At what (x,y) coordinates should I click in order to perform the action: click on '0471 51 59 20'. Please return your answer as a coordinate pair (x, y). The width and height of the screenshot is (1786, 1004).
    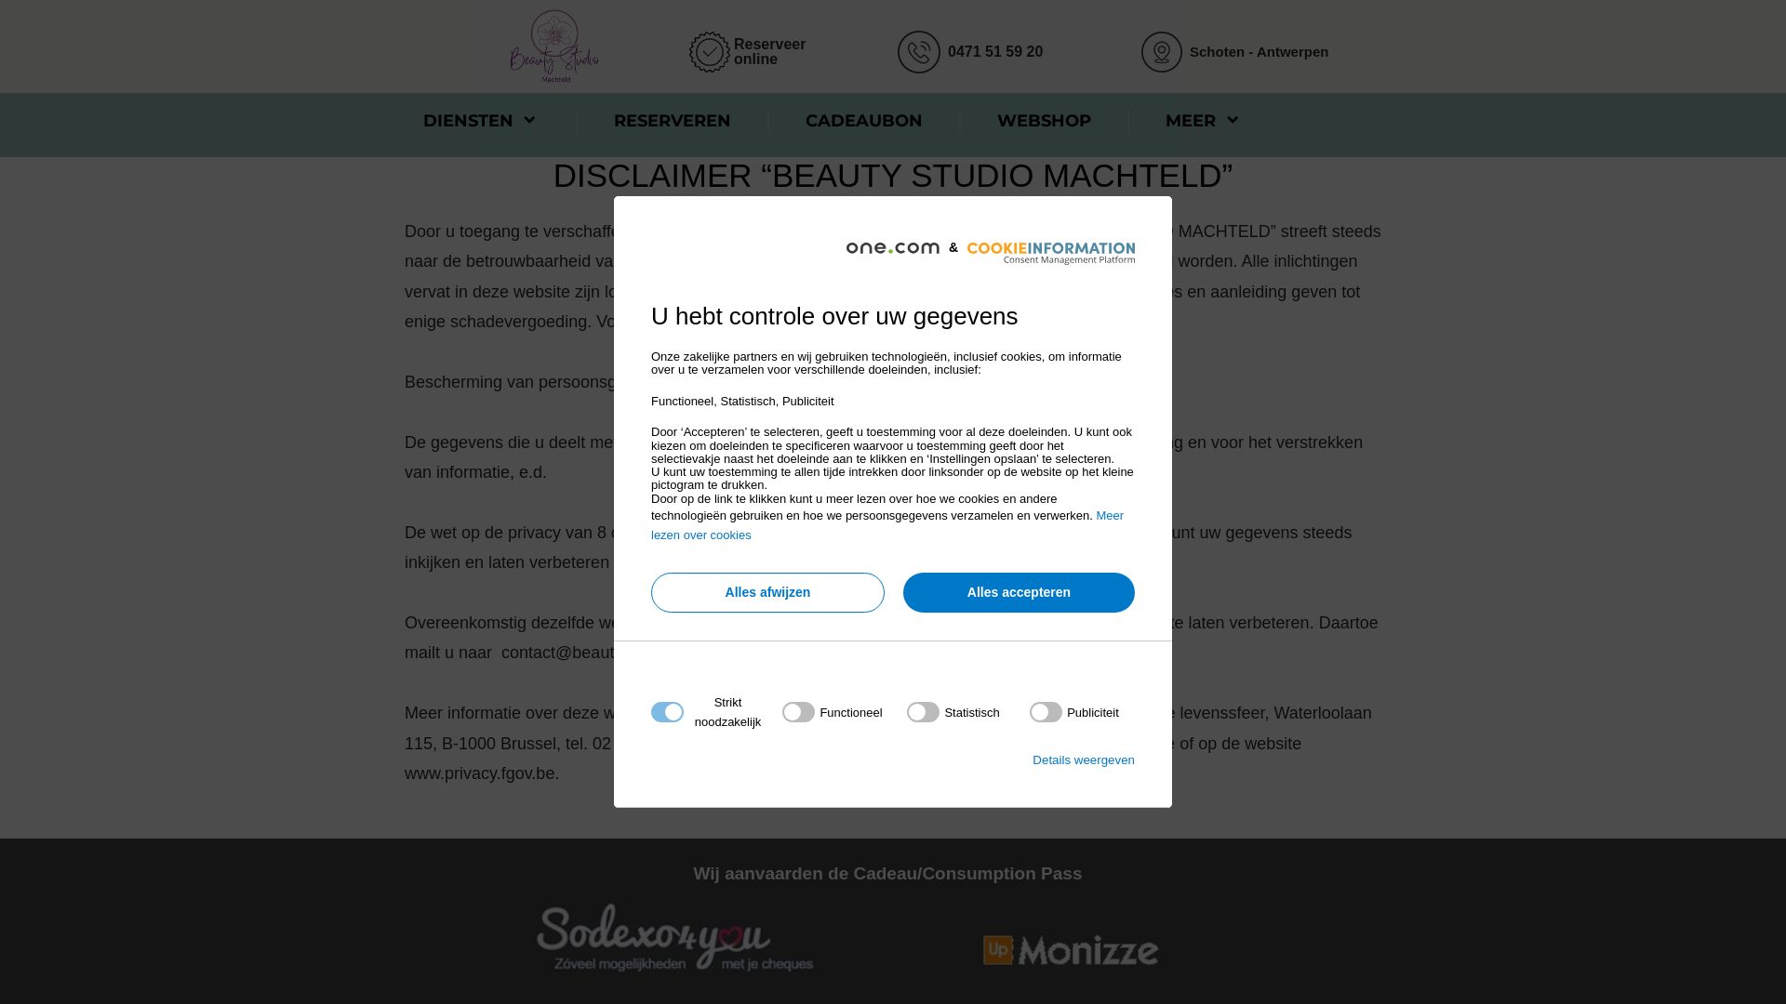
    Looking at the image, I should click on (994, 49).